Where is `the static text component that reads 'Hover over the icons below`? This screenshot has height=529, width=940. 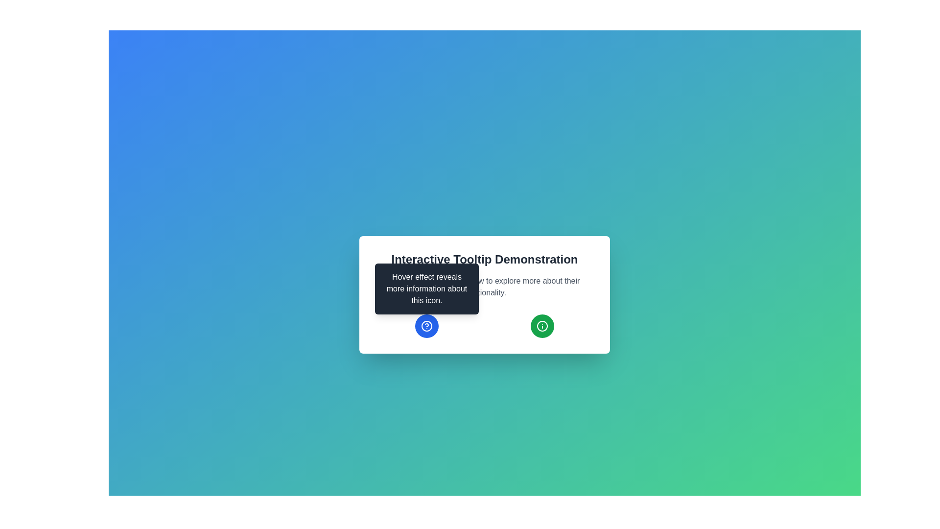
the static text component that reads 'Hover over the icons below is located at coordinates (484, 287).